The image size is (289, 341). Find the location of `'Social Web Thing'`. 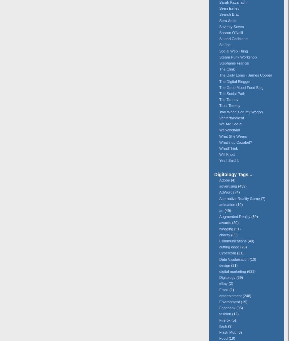

'Social Web Thing' is located at coordinates (233, 50).